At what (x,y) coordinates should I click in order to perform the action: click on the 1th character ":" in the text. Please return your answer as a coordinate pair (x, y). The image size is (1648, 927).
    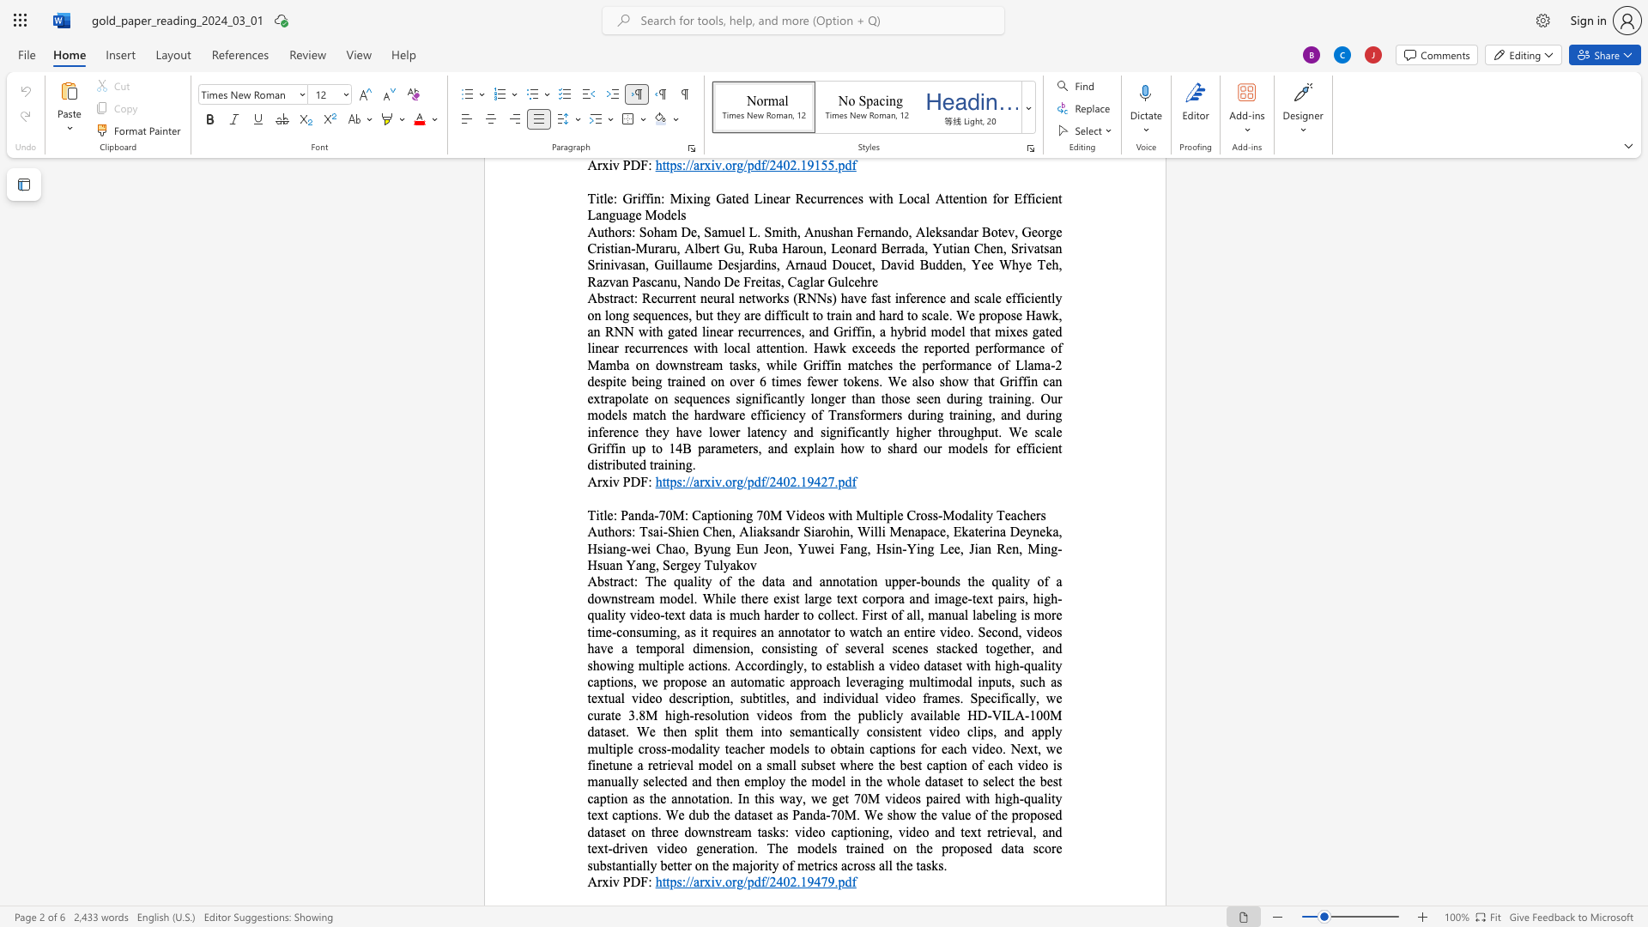
    Looking at the image, I should click on (649, 882).